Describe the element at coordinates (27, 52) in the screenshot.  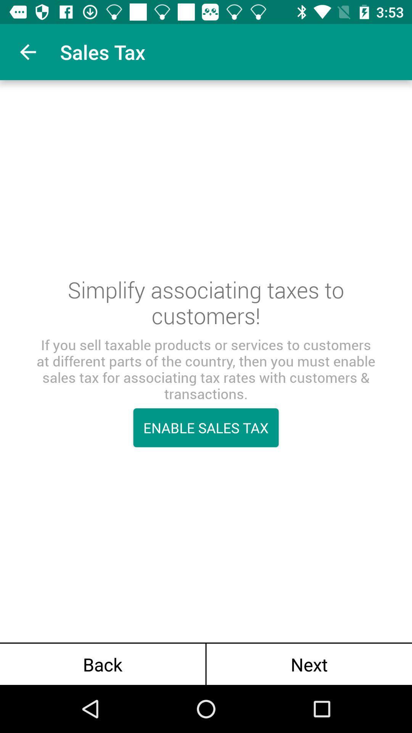
I see `app next to the sales tax` at that location.